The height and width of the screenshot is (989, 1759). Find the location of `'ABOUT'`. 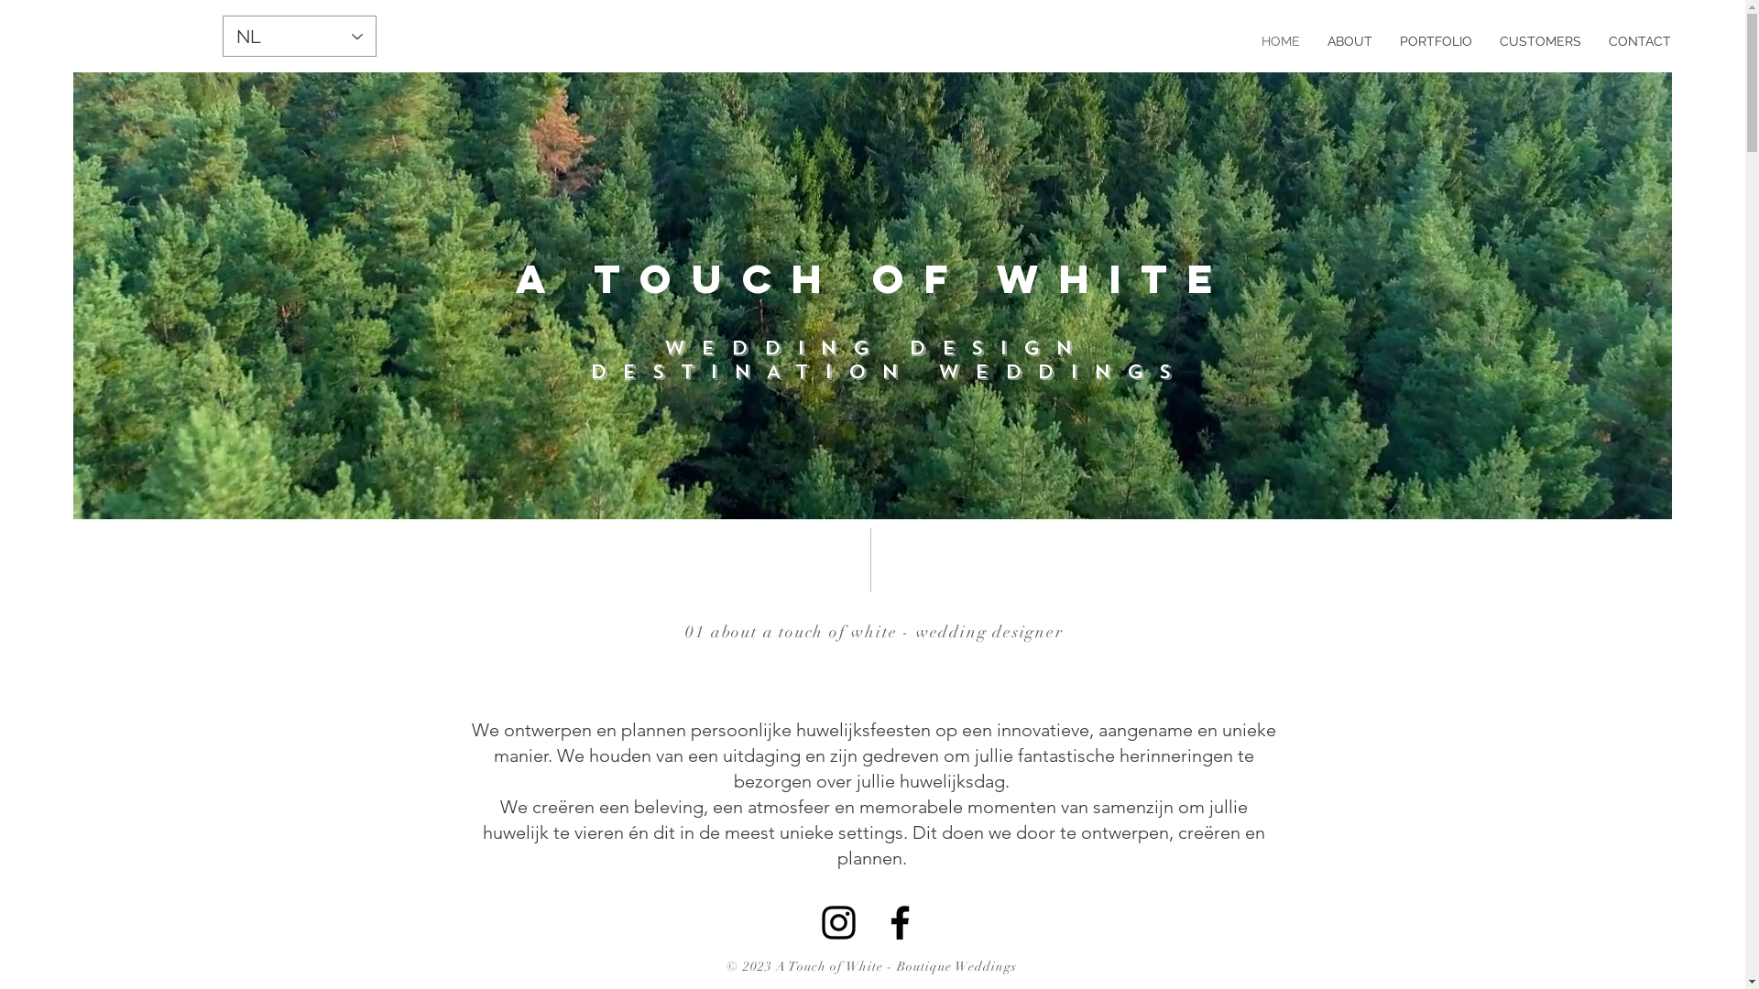

'ABOUT' is located at coordinates (1349, 41).